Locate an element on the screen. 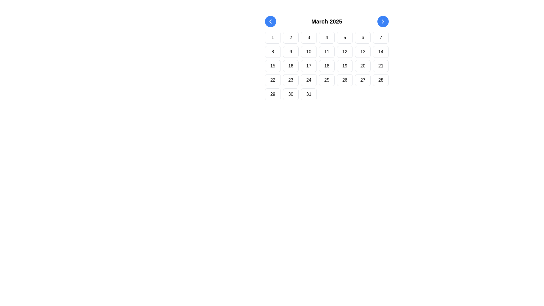  the button representing the selectable day in the calendar view located in the second row and fifth column of the grid is located at coordinates (345, 52).